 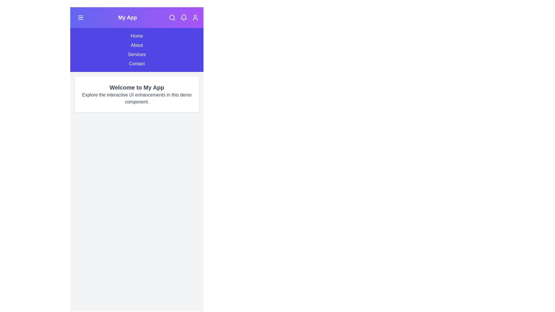 What do you see at coordinates (172, 17) in the screenshot?
I see `the 'Search' icon in the app bar` at bounding box center [172, 17].